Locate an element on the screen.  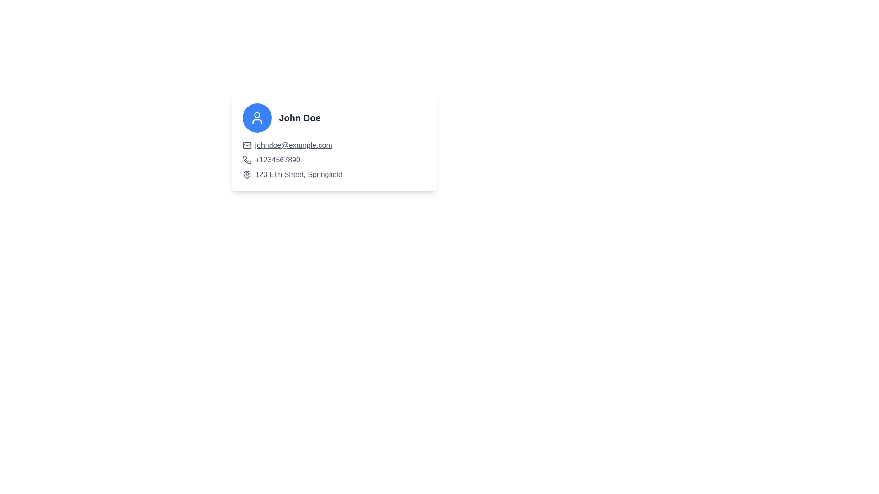
the user profile icon button associated with 'John Doe' located at the top-left corner of the card layout is located at coordinates (256, 118).